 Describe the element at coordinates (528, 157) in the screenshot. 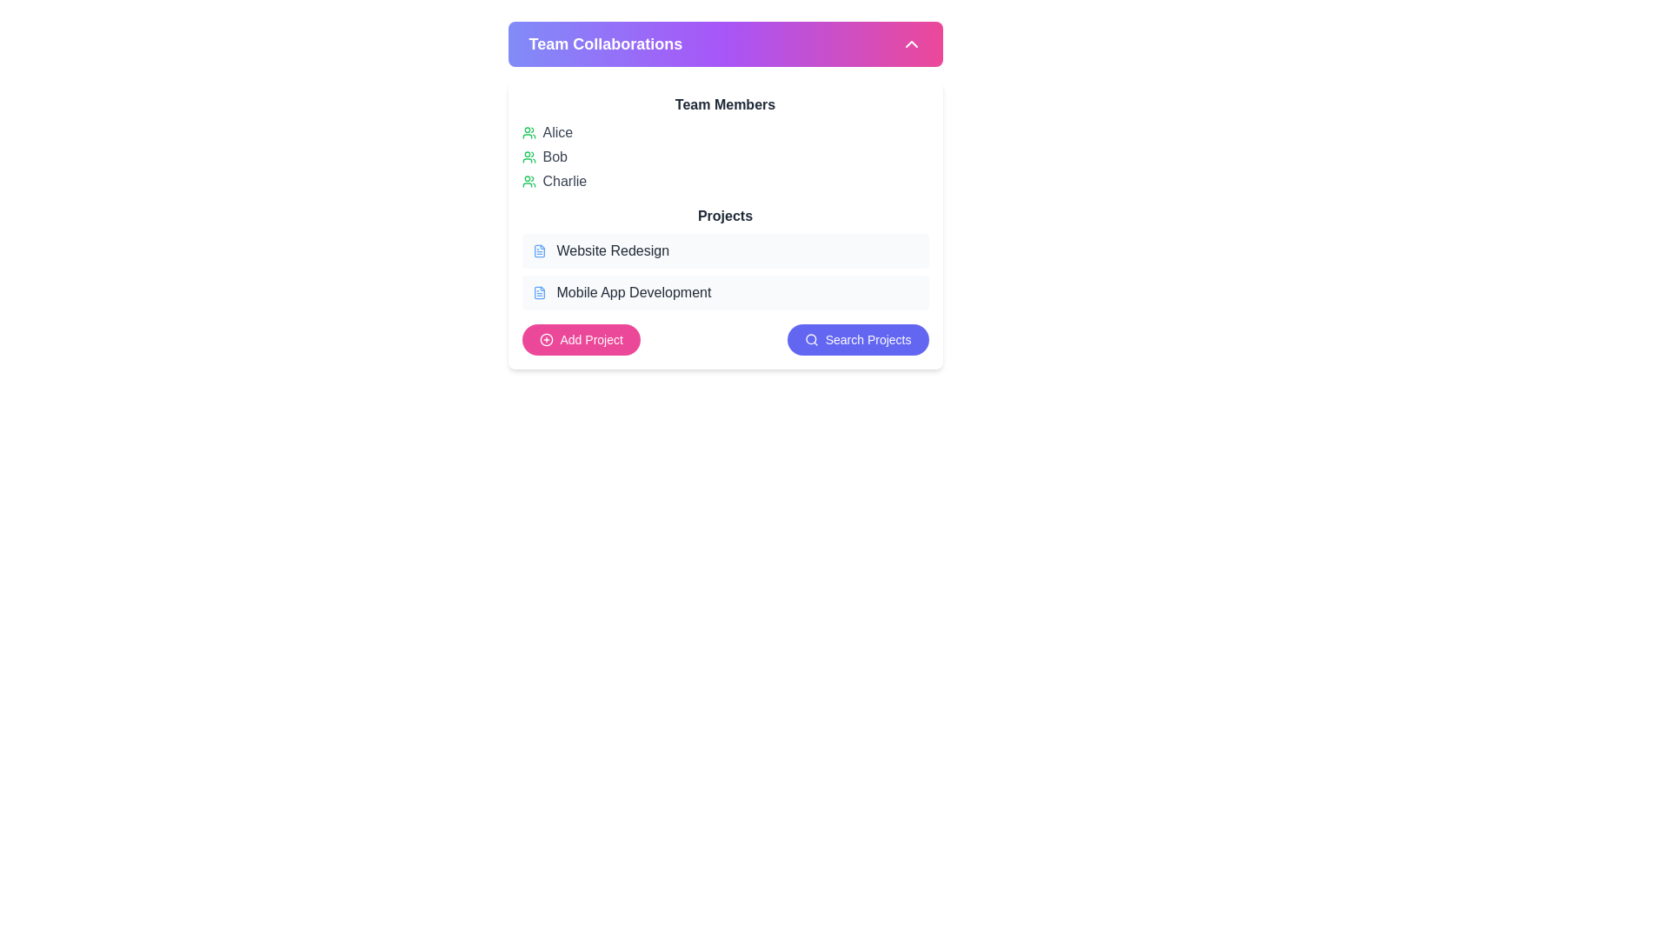

I see `the second user SVG icon representing 'Bob' in the 'Team Members' section of the 'Team Collaborations' card` at that location.